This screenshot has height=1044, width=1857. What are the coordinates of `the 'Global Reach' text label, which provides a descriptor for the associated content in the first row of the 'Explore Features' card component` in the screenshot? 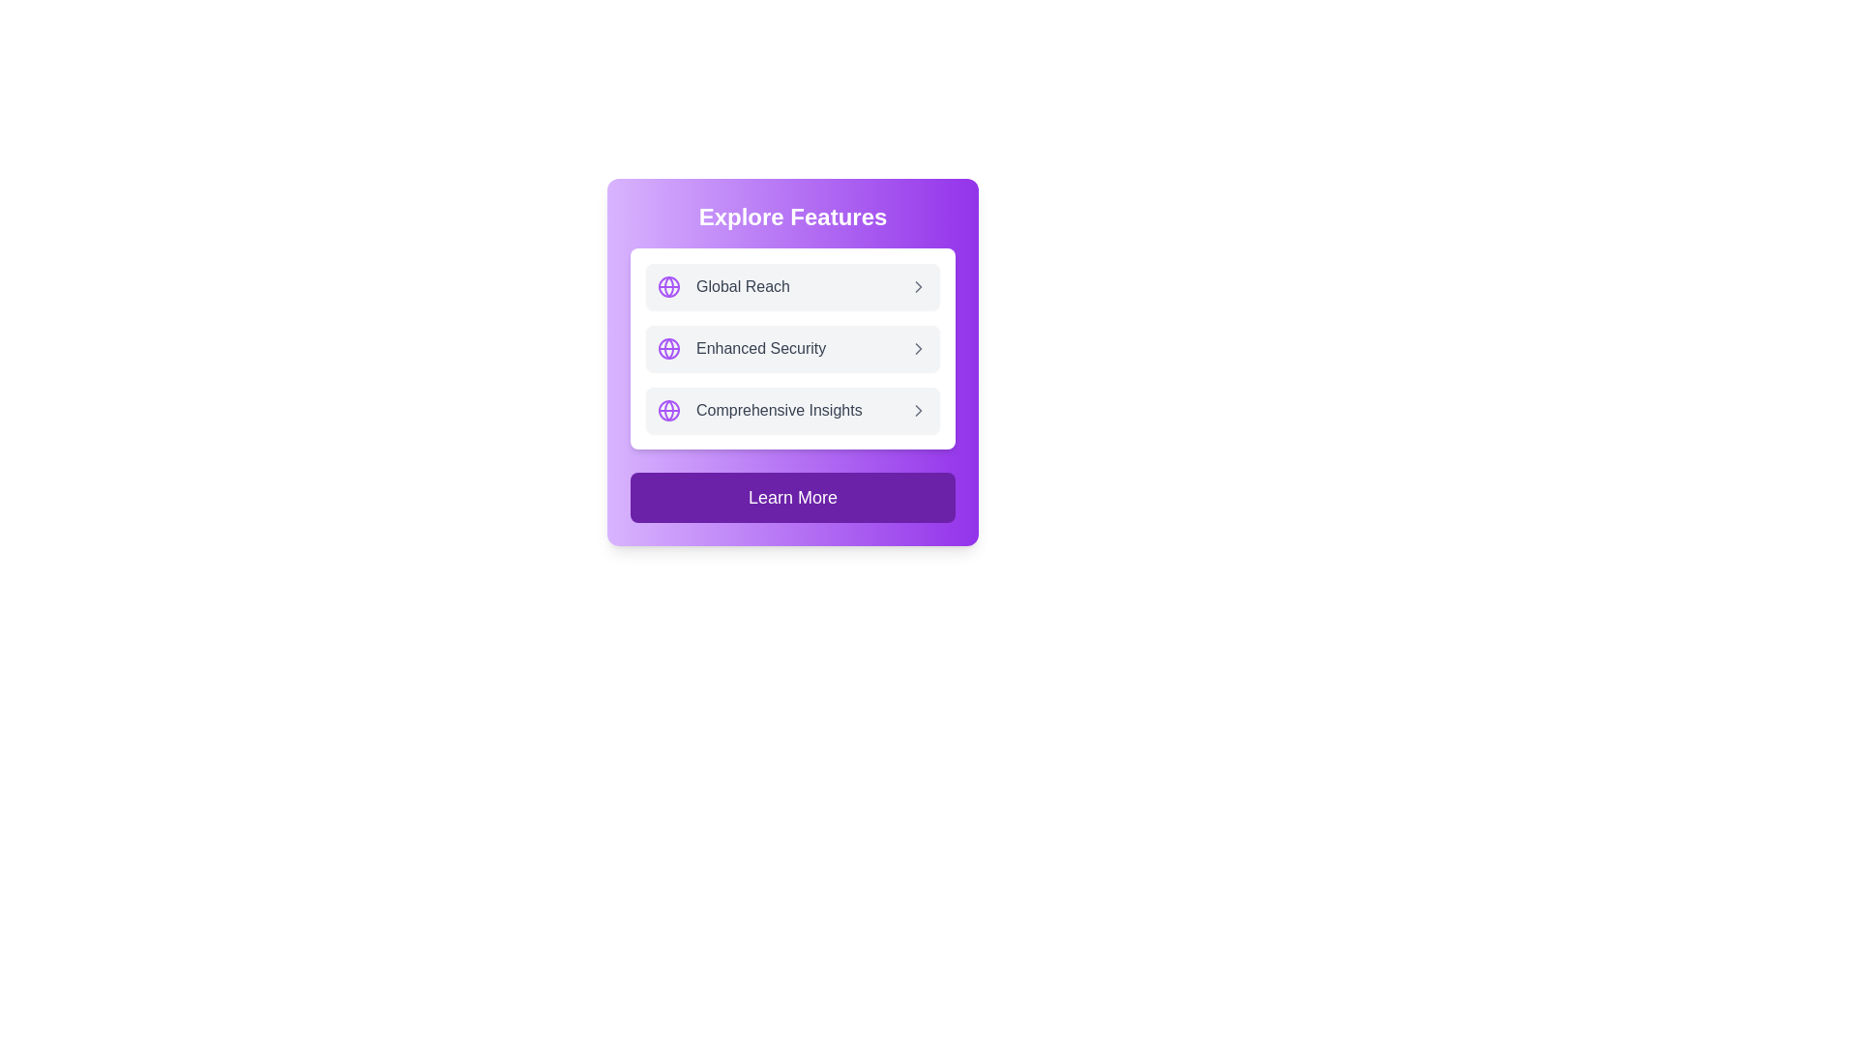 It's located at (742, 287).